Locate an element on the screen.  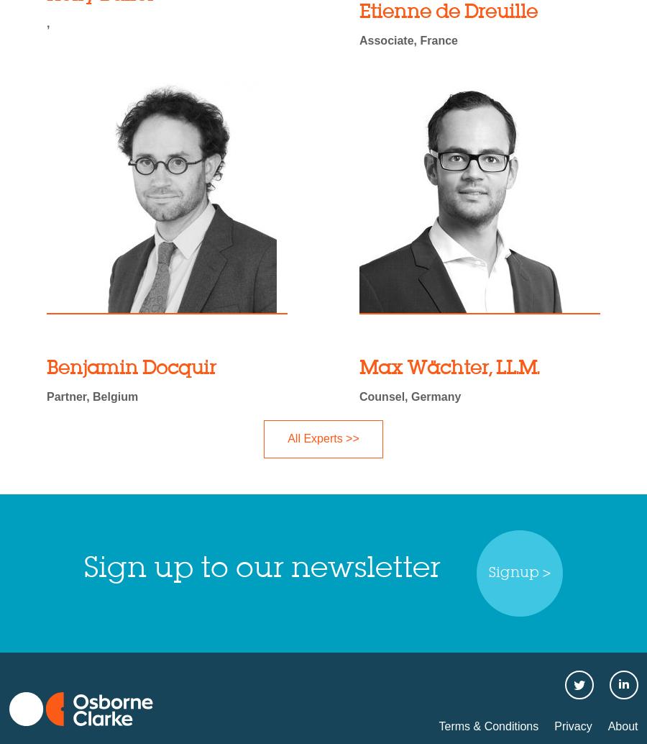
'Etienne de Dreuille' is located at coordinates (359, 12).